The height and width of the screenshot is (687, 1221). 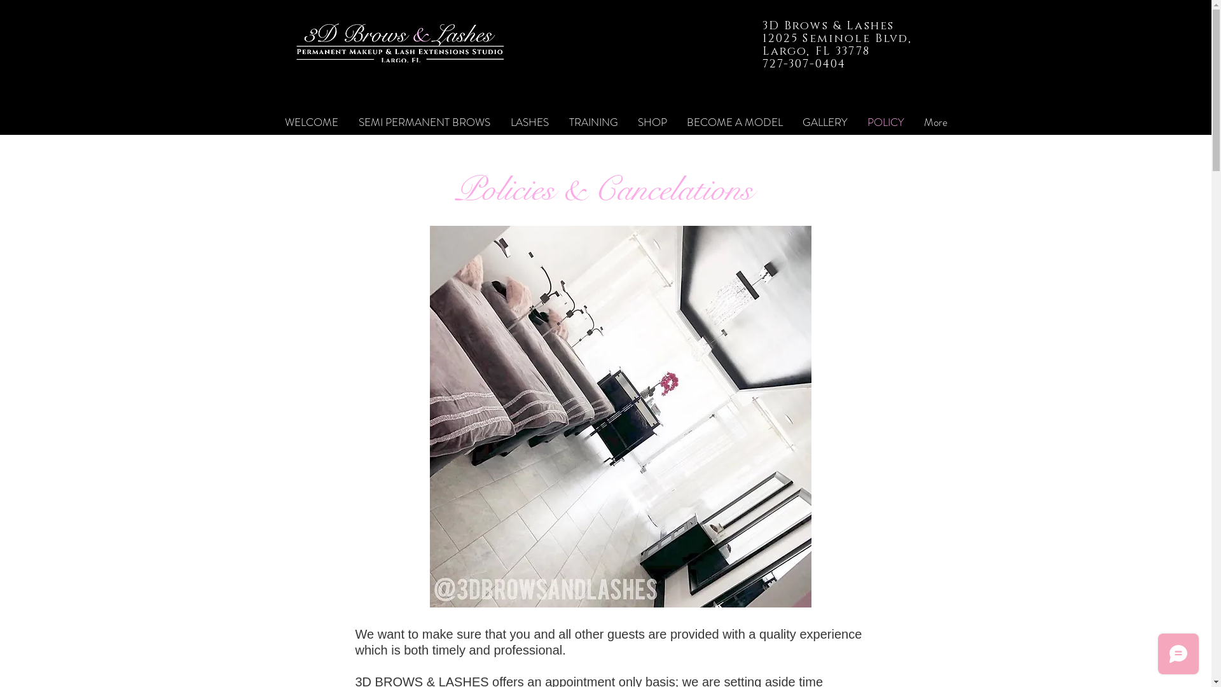 I want to click on 'SHOP', so click(x=652, y=122).